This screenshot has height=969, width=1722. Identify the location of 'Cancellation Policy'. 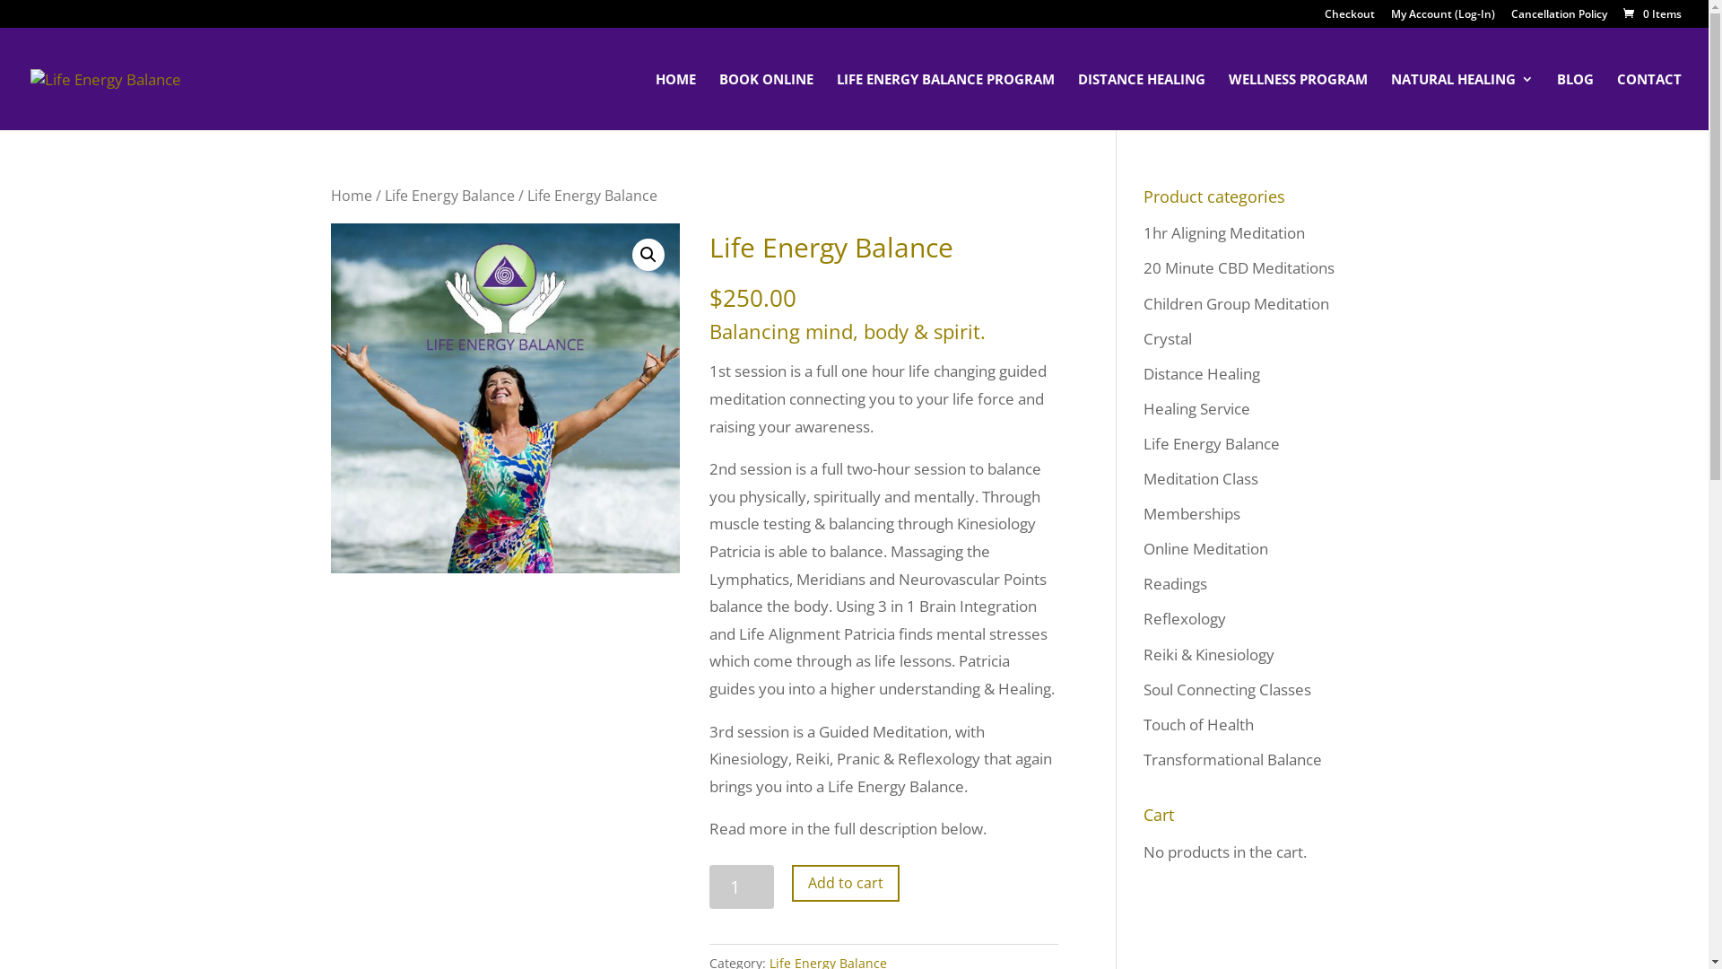
(1558, 18).